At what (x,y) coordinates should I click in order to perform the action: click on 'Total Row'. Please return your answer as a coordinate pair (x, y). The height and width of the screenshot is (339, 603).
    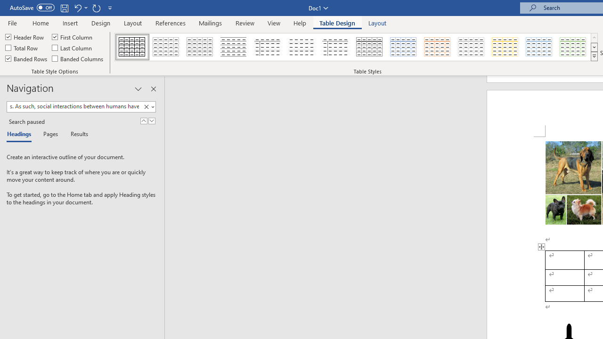
    Looking at the image, I should click on (22, 48).